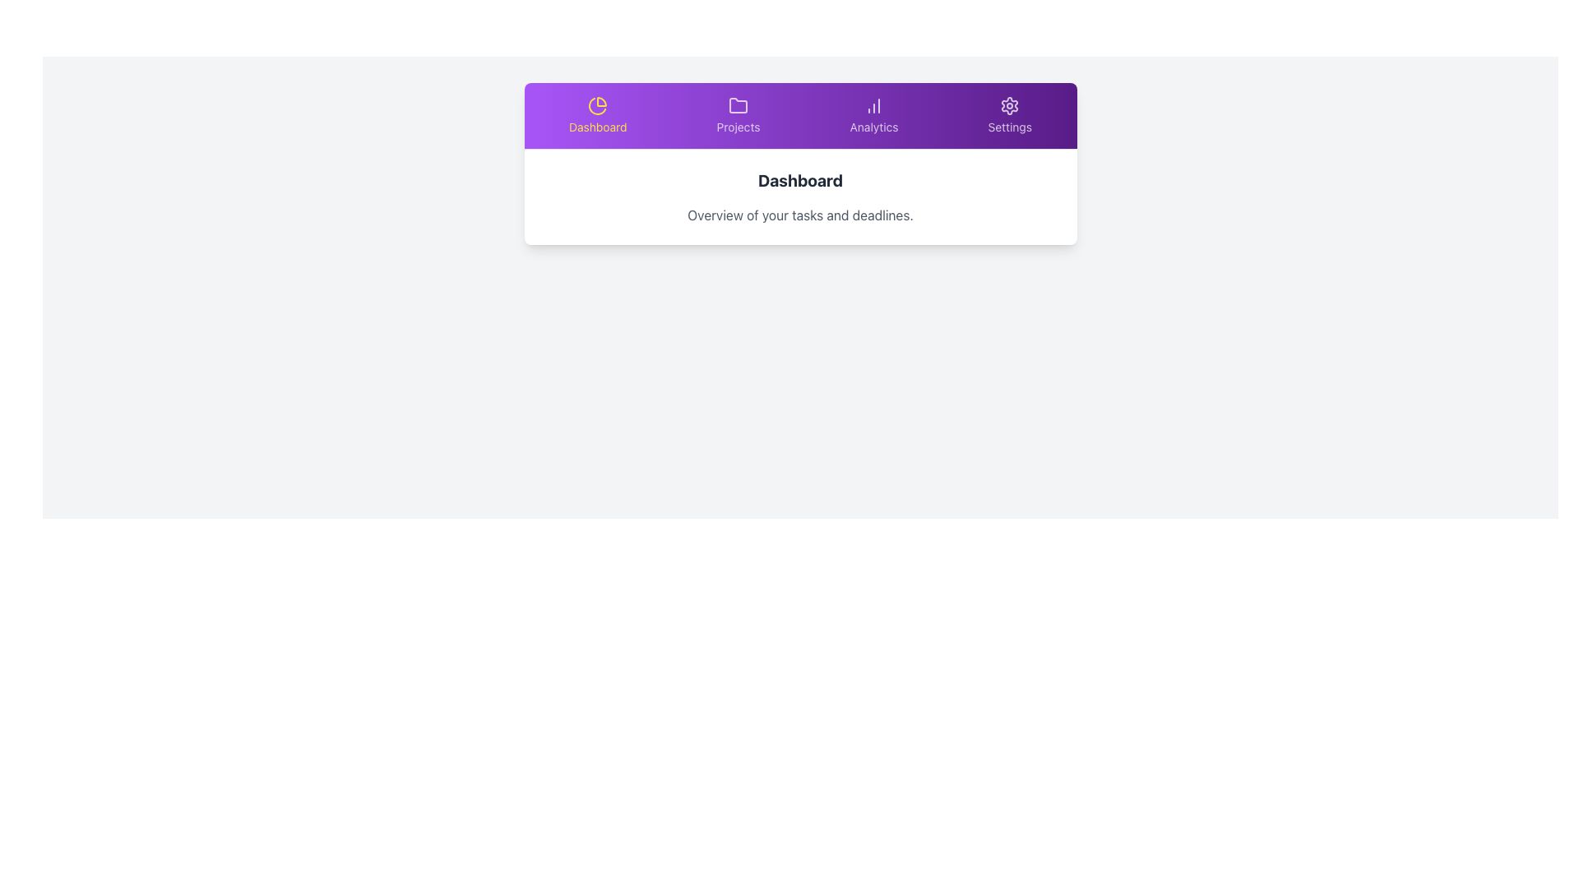 The image size is (1579, 888). Describe the element at coordinates (597, 105) in the screenshot. I see `the circular pie chart icon in the top navigation bar` at that location.